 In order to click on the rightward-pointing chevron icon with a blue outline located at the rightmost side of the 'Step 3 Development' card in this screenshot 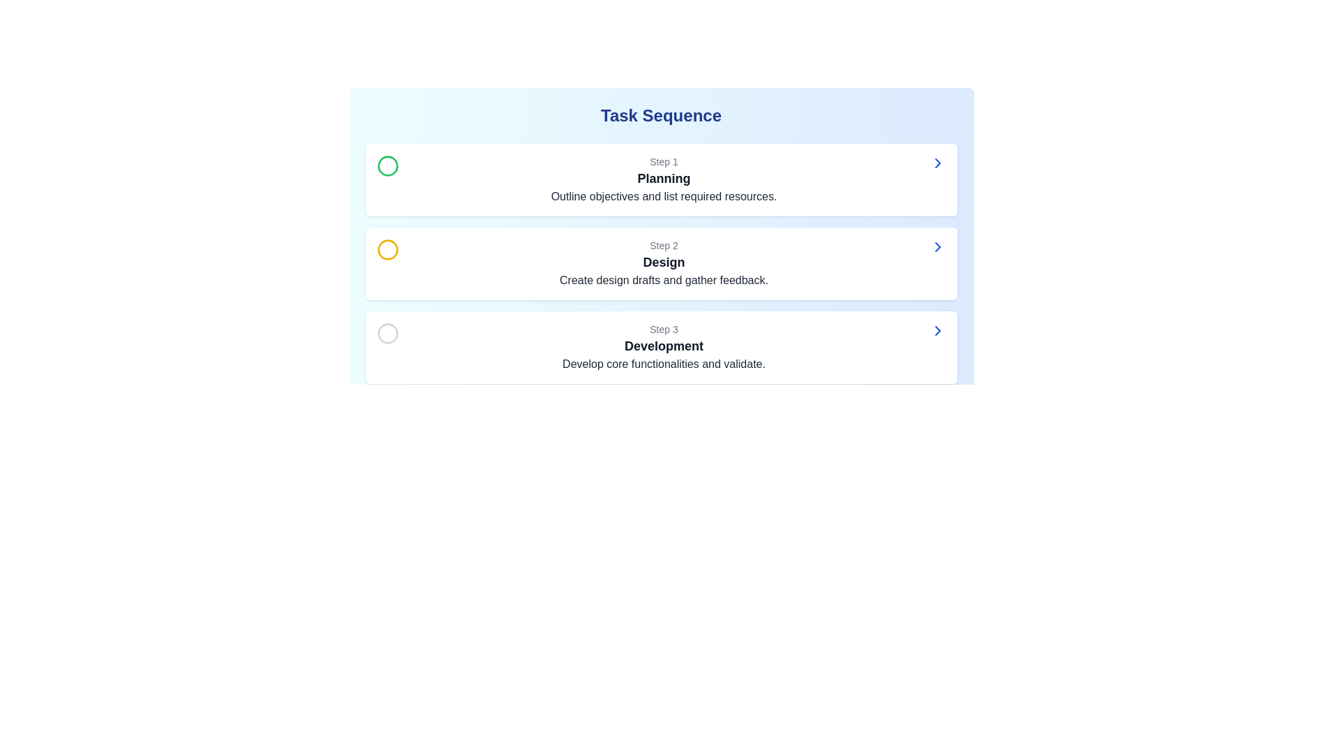, I will do `click(937, 331)`.